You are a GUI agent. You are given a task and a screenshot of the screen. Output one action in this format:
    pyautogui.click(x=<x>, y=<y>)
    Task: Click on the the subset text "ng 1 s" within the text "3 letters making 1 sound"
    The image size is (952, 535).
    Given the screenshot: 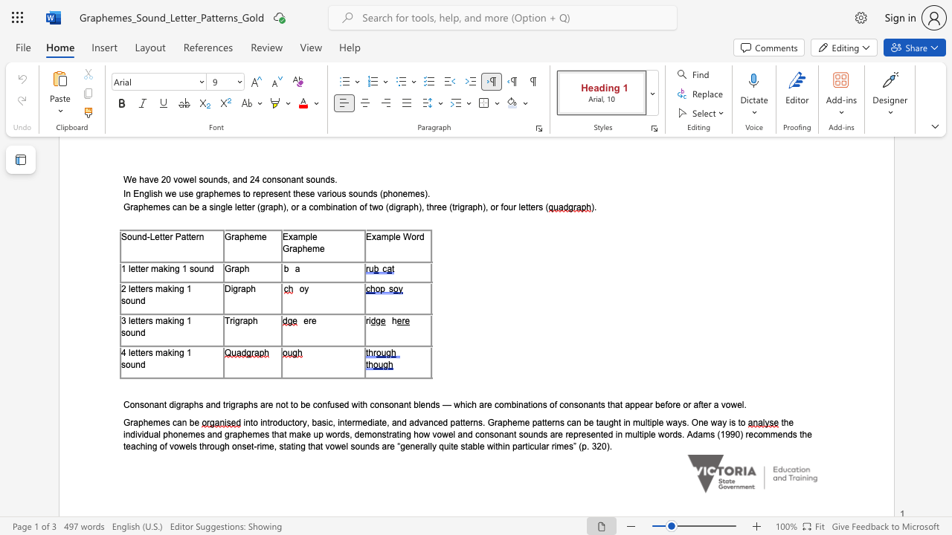 What is the action you would take?
    pyautogui.click(x=174, y=320)
    